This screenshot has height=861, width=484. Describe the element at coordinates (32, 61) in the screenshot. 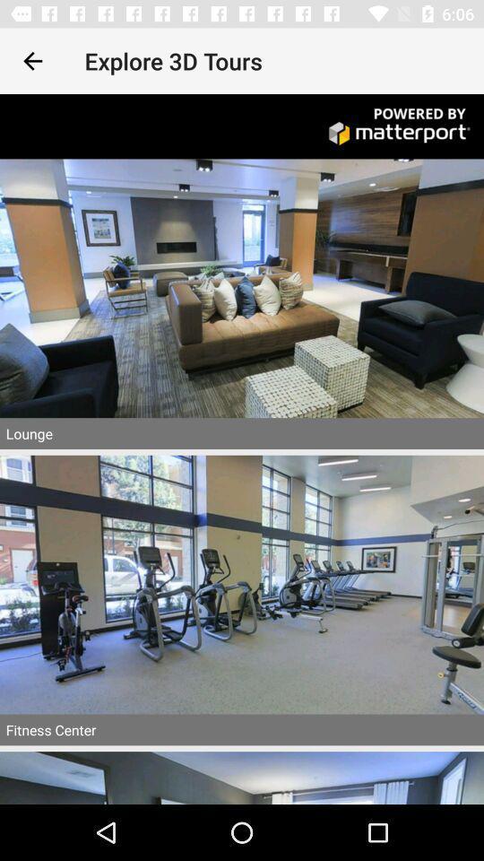

I see `go back` at that location.